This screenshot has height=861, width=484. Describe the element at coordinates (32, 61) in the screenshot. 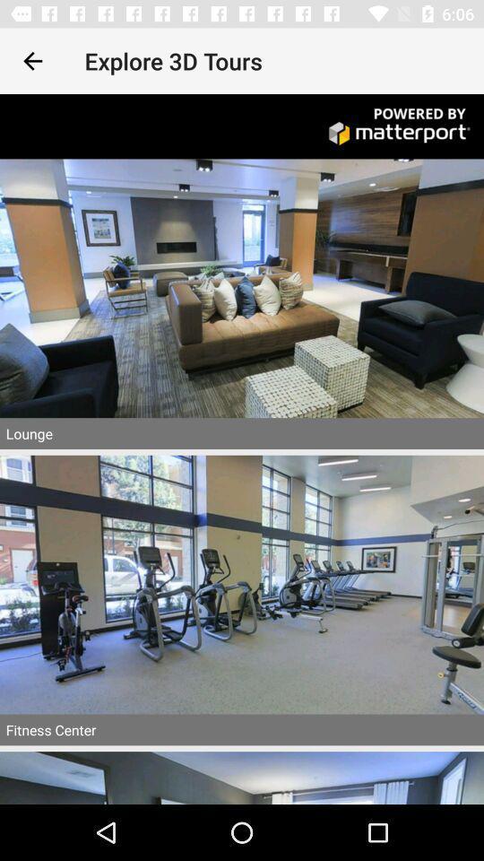

I see `go back` at that location.